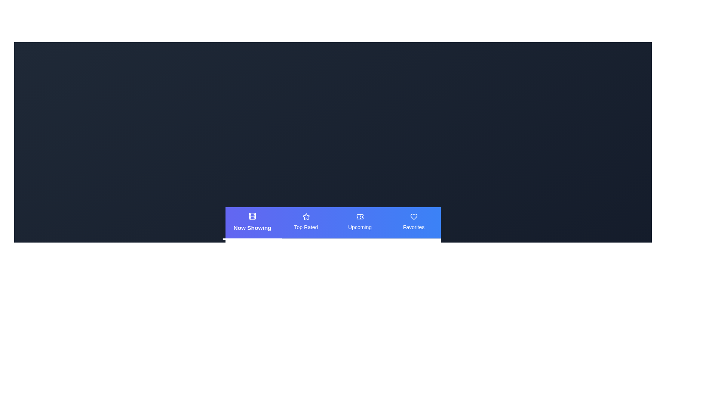 The height and width of the screenshot is (403, 718). What do you see at coordinates (252, 216) in the screenshot?
I see `the SVG icon resembling a film strip located above the 'Now Showing' text in the navigation bar` at bounding box center [252, 216].